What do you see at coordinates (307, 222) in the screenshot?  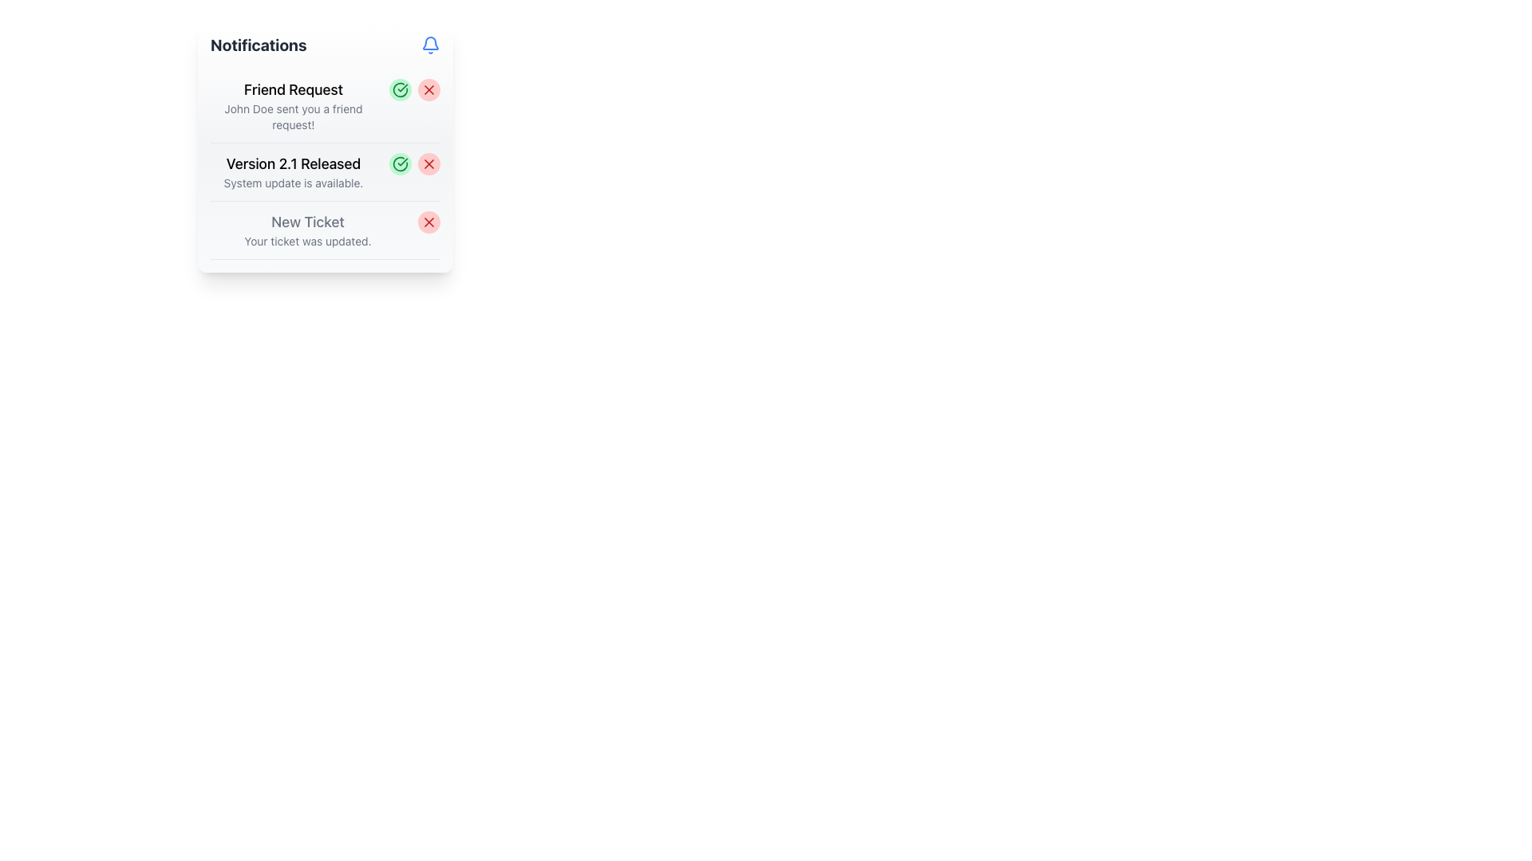 I see `the 'New Ticket' text label, which is styled in gray medium-sized sans-serif font and located in the notifications panel as the title of the third notification` at bounding box center [307, 222].